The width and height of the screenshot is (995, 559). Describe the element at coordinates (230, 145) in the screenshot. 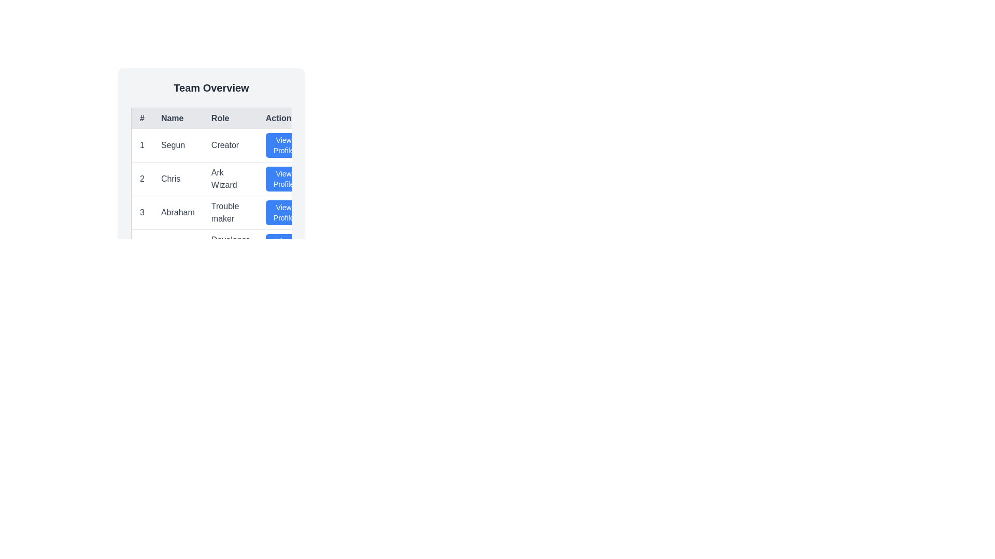

I see `the text label indicating the role of 'Segun' in the table, which is positioned between 'Segun' and 'View Profile'` at that location.